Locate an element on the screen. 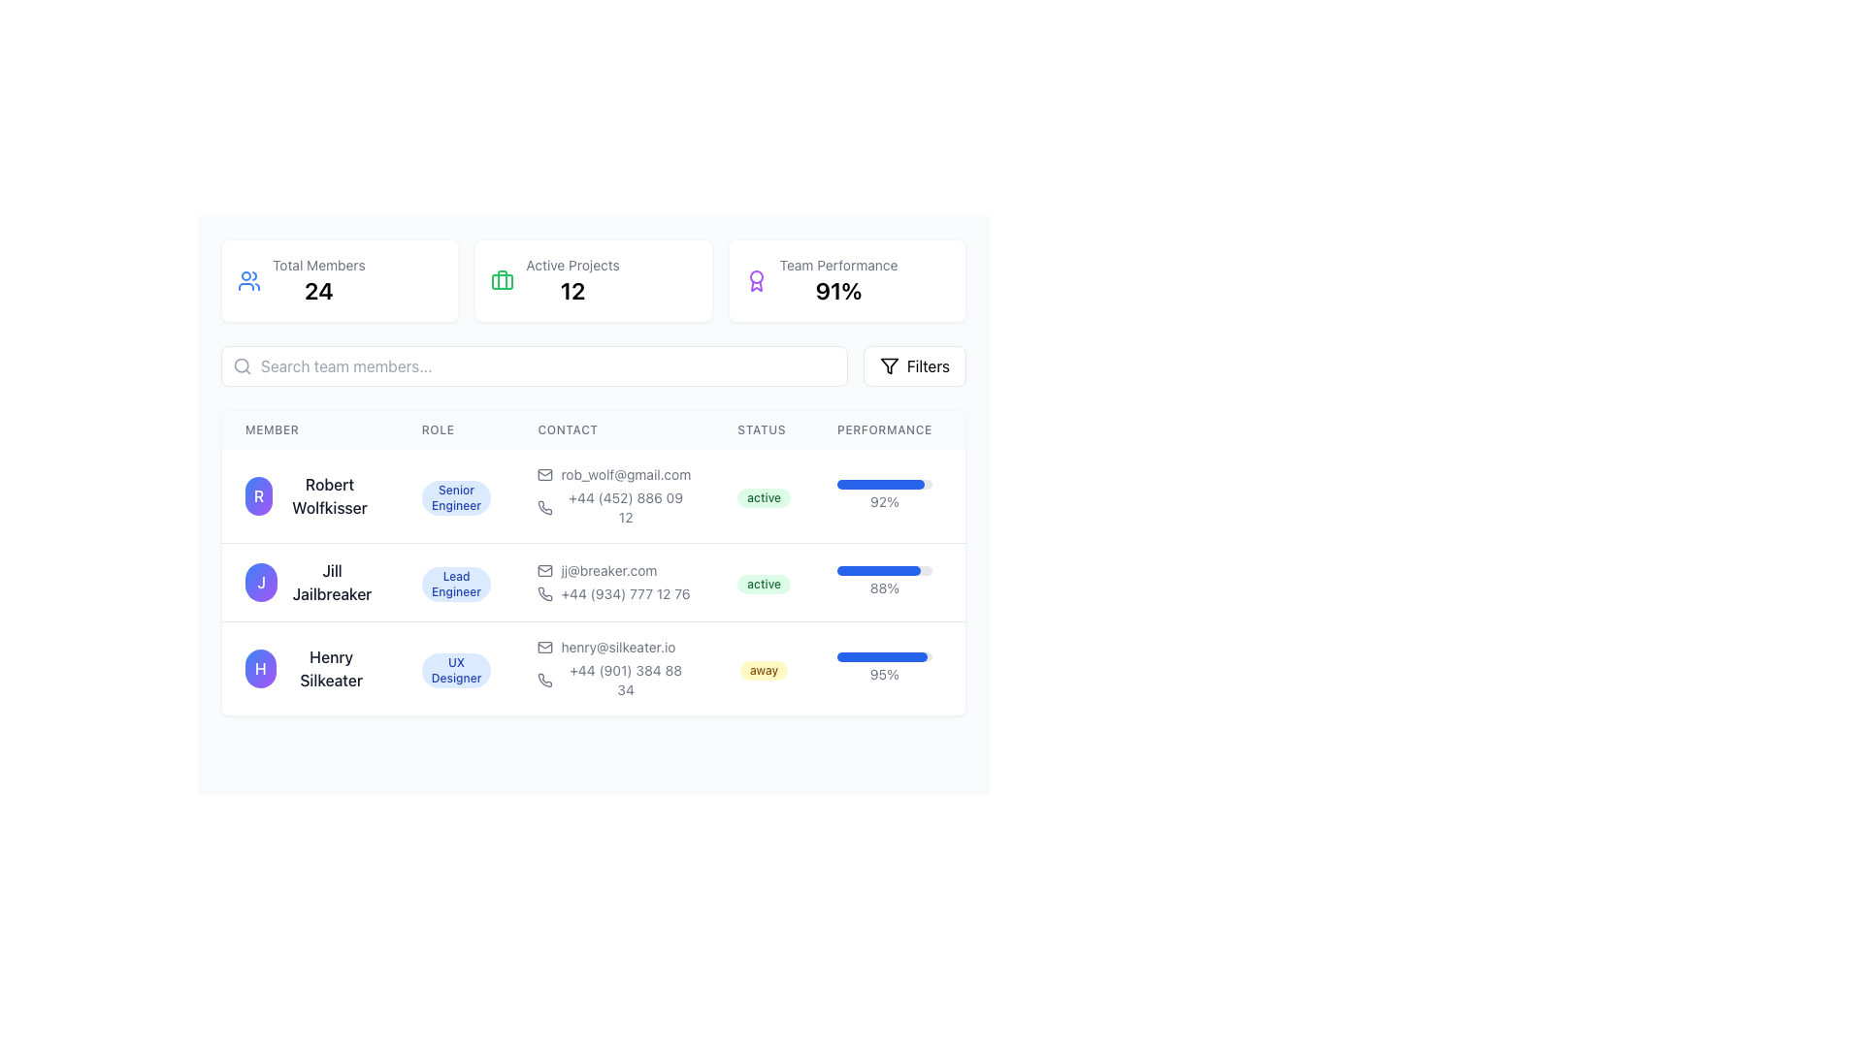 This screenshot has width=1863, height=1047. the static text element displaying the number '24', which is presented in bold, large font and is centrally aligned below the label 'Total Members' is located at coordinates (318, 291).